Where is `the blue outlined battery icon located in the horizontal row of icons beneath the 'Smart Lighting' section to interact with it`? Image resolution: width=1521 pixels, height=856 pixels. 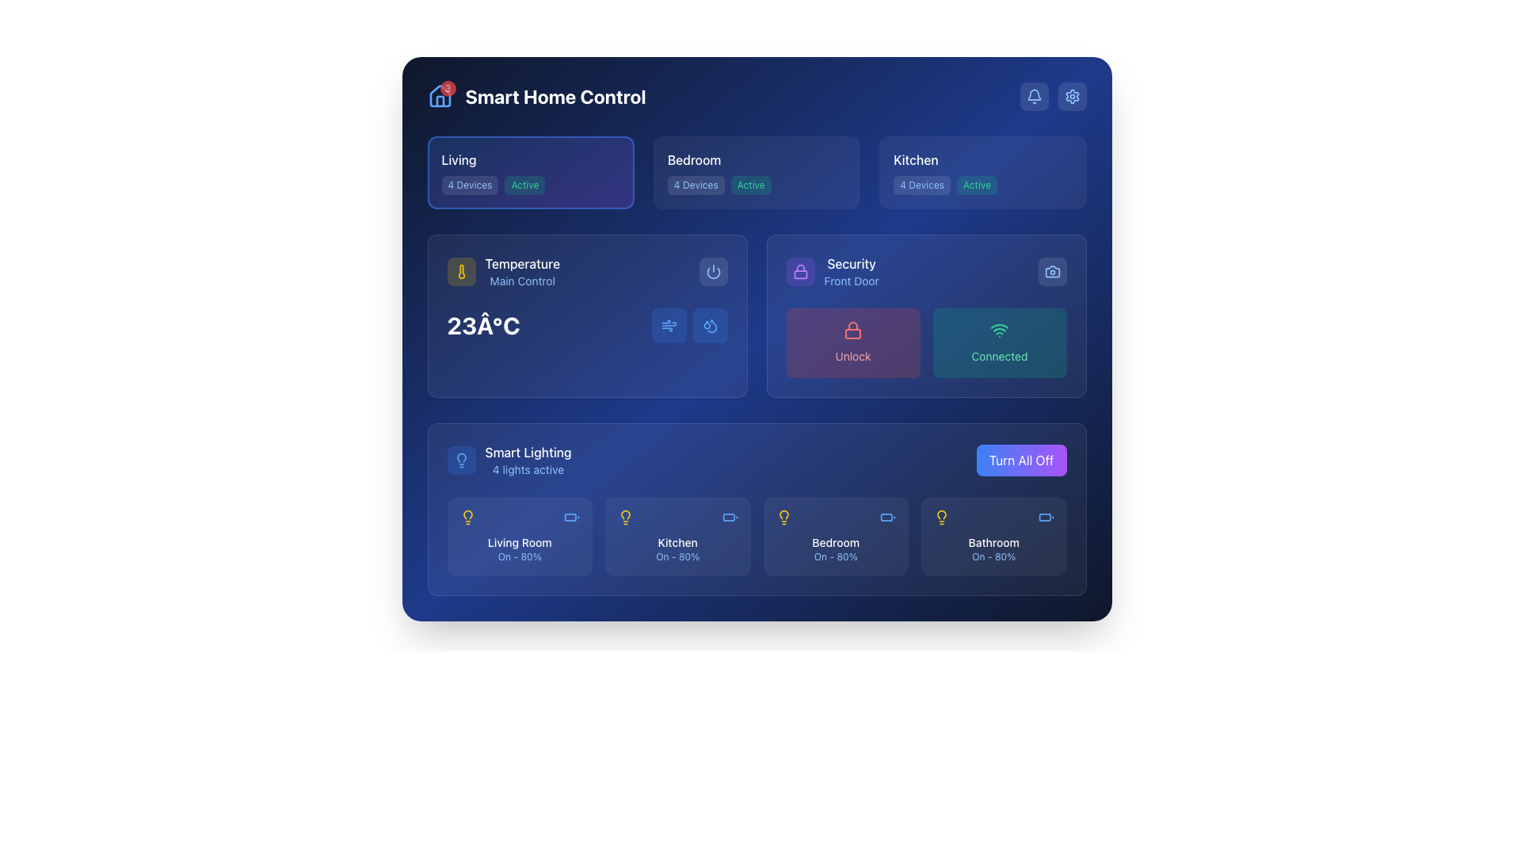
the blue outlined battery icon located in the horizontal row of icons beneath the 'Smart Lighting' section to interact with it is located at coordinates (570, 517).